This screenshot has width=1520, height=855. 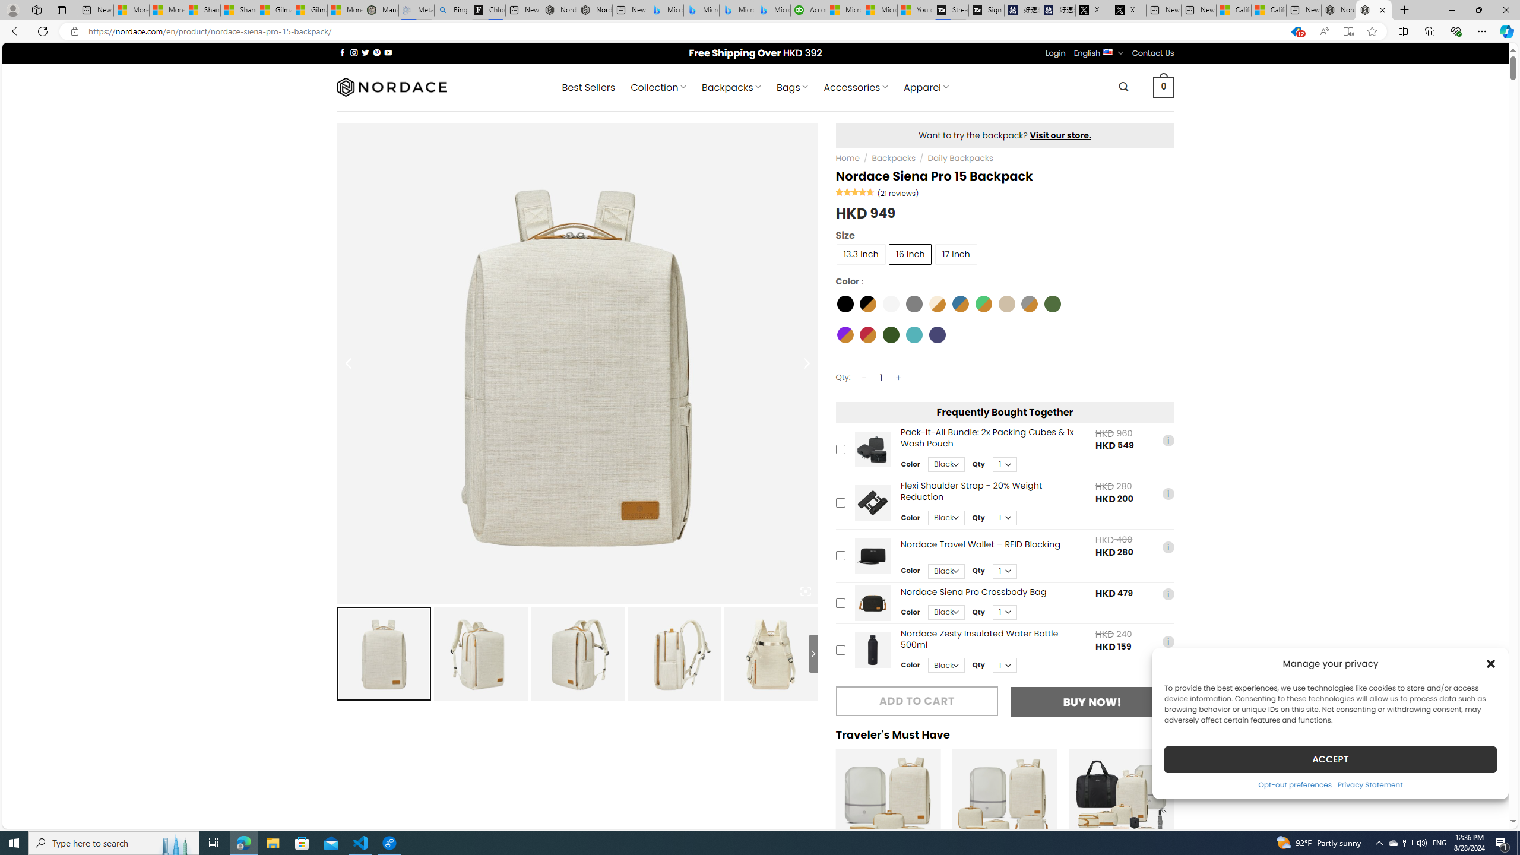 I want to click on 'Daily Backpacks', so click(x=960, y=157).